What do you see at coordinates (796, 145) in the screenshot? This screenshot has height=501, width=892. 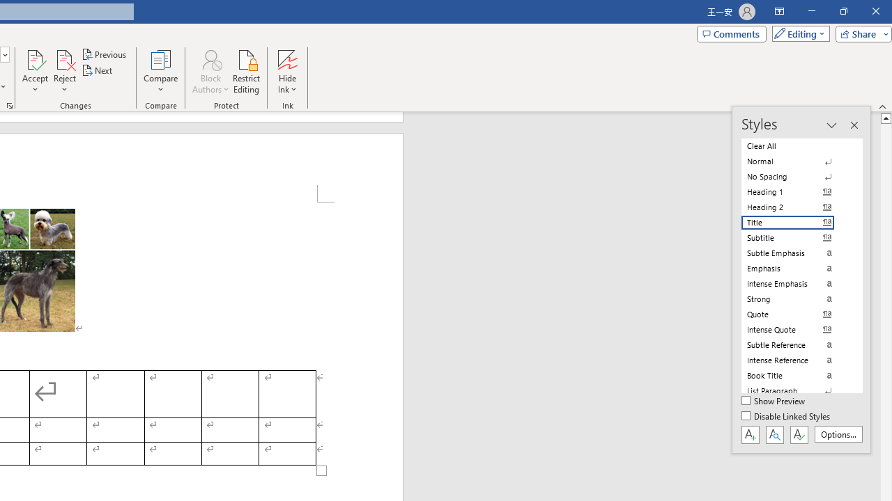 I see `'Clear All'` at bounding box center [796, 145].